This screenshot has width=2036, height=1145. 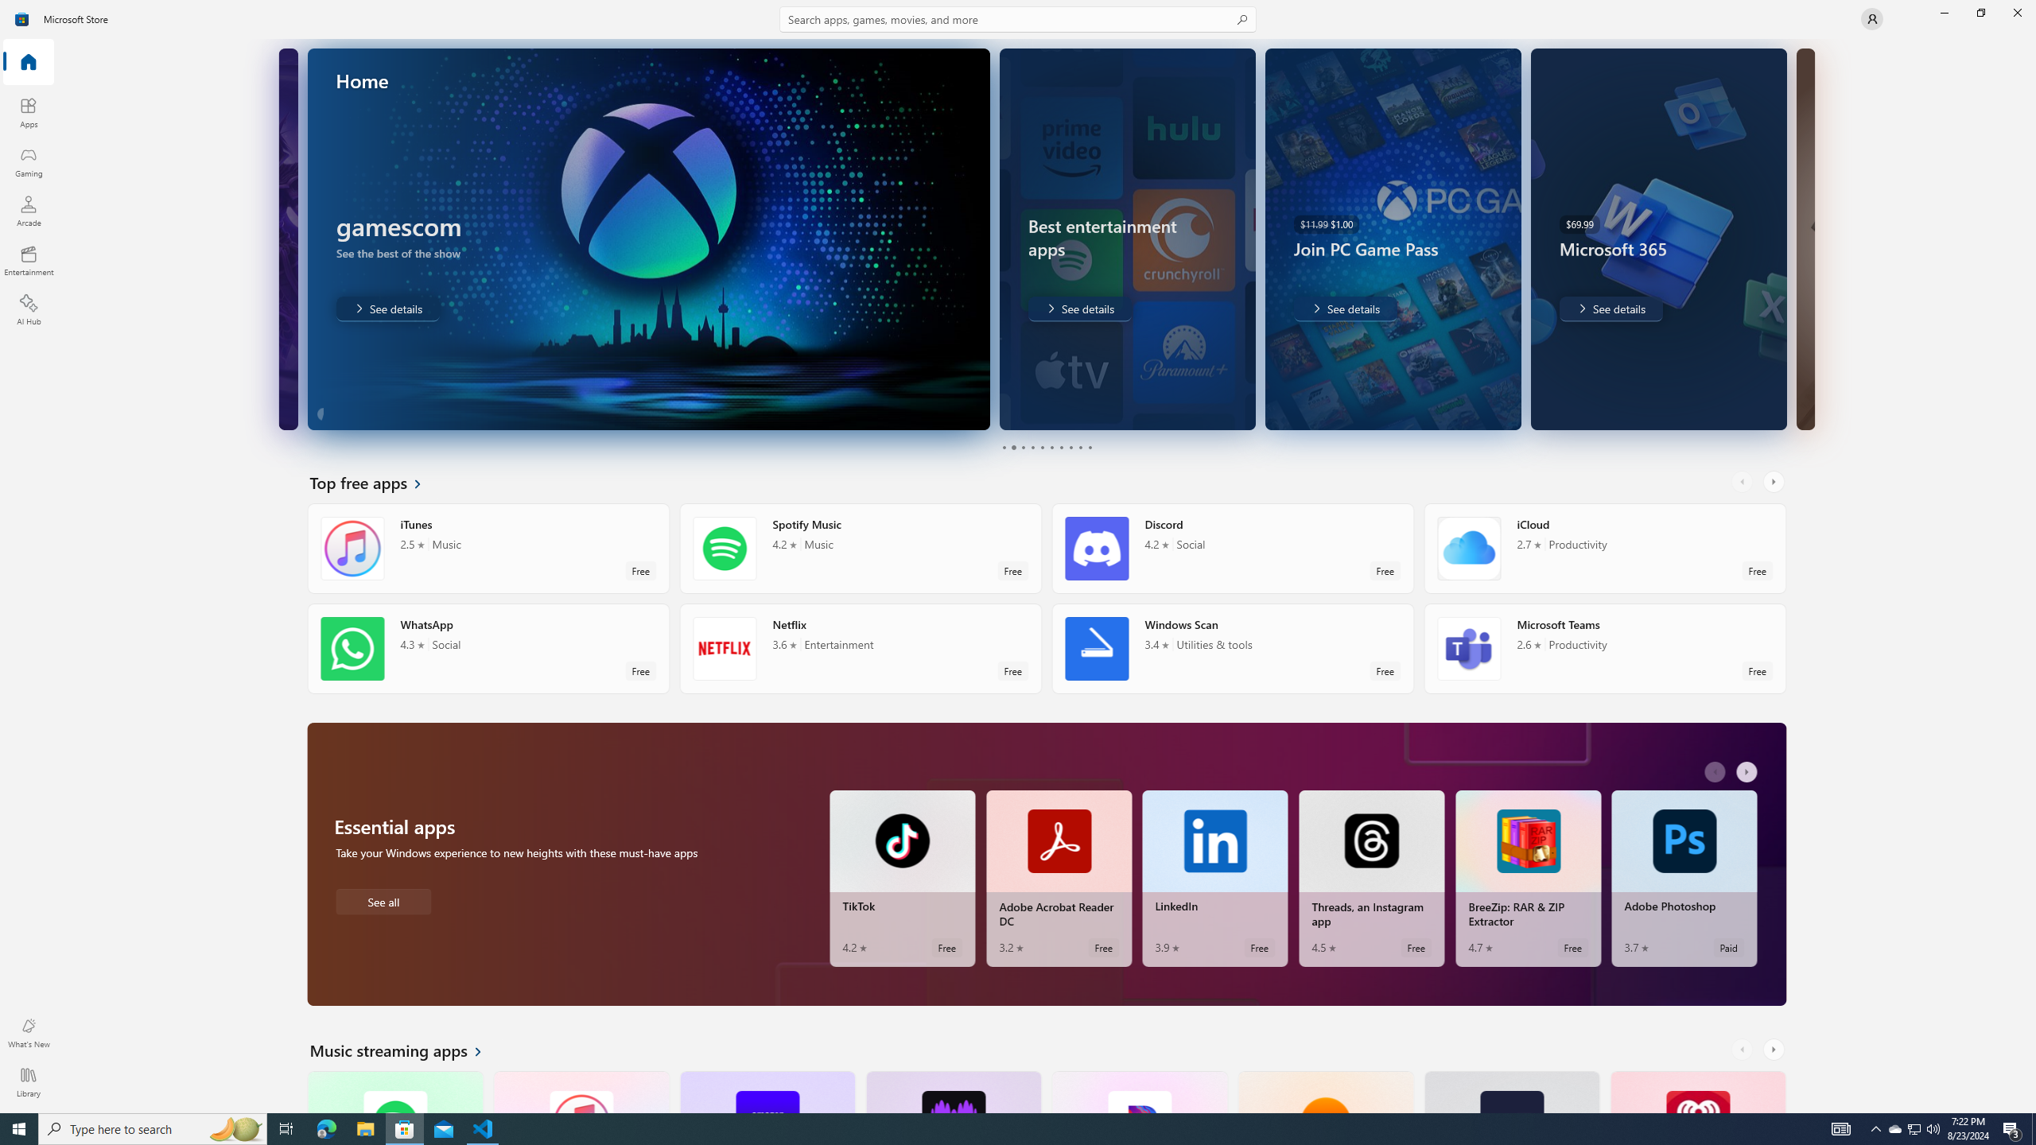 What do you see at coordinates (1743, 1050) in the screenshot?
I see `'AutomationID: LeftScrollButton'` at bounding box center [1743, 1050].